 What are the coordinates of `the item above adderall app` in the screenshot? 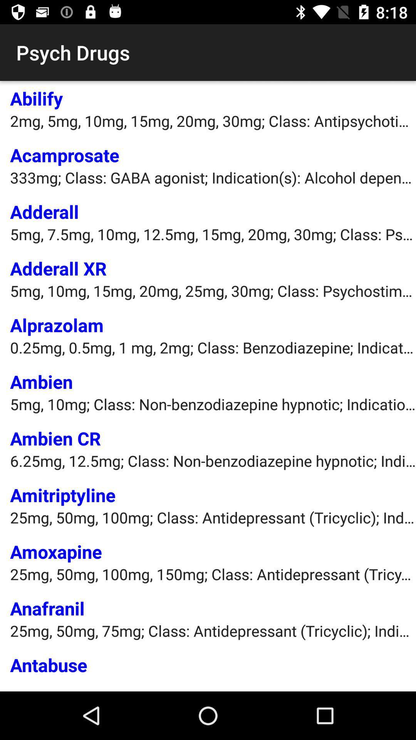 It's located at (213, 177).